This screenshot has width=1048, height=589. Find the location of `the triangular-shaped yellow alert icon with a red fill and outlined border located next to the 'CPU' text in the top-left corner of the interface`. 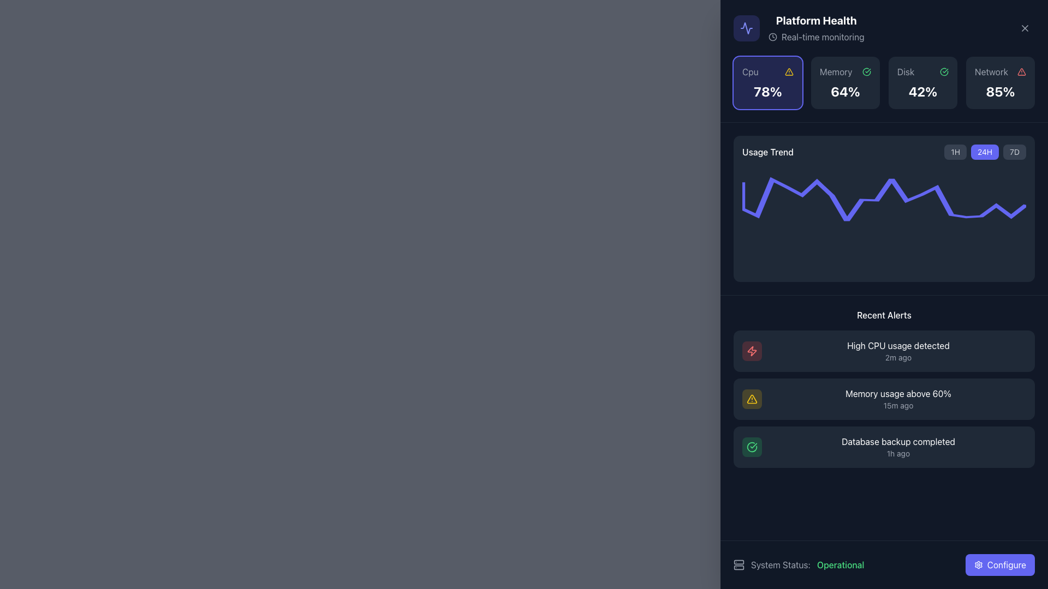

the triangular-shaped yellow alert icon with a red fill and outlined border located next to the 'CPU' text in the top-left corner of the interface is located at coordinates (789, 71).